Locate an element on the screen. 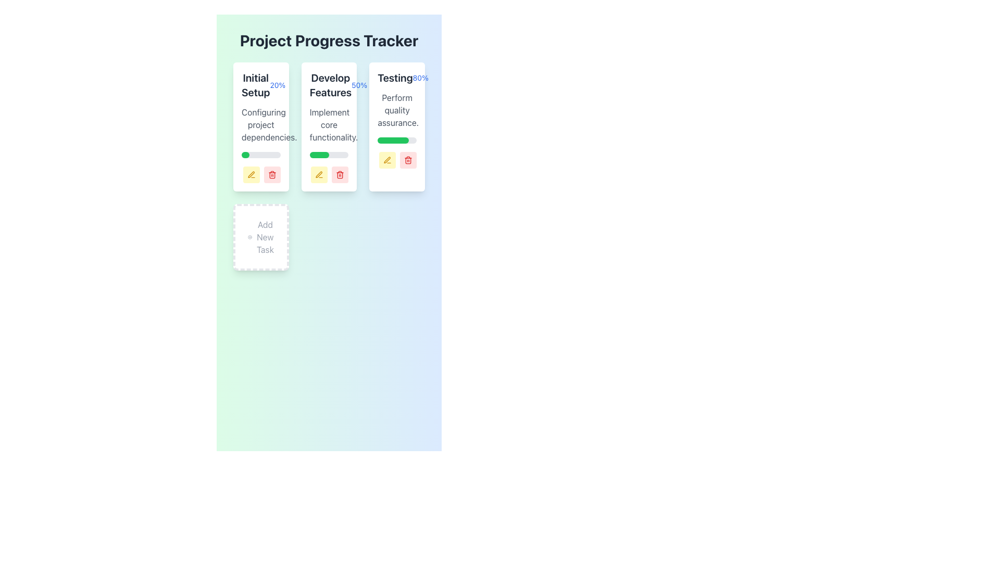  the text element that displays the percentage of completion related to the task labeled 'Testing', located to the right of 'Testing' at the top-right corner of the card is located at coordinates (420, 78).